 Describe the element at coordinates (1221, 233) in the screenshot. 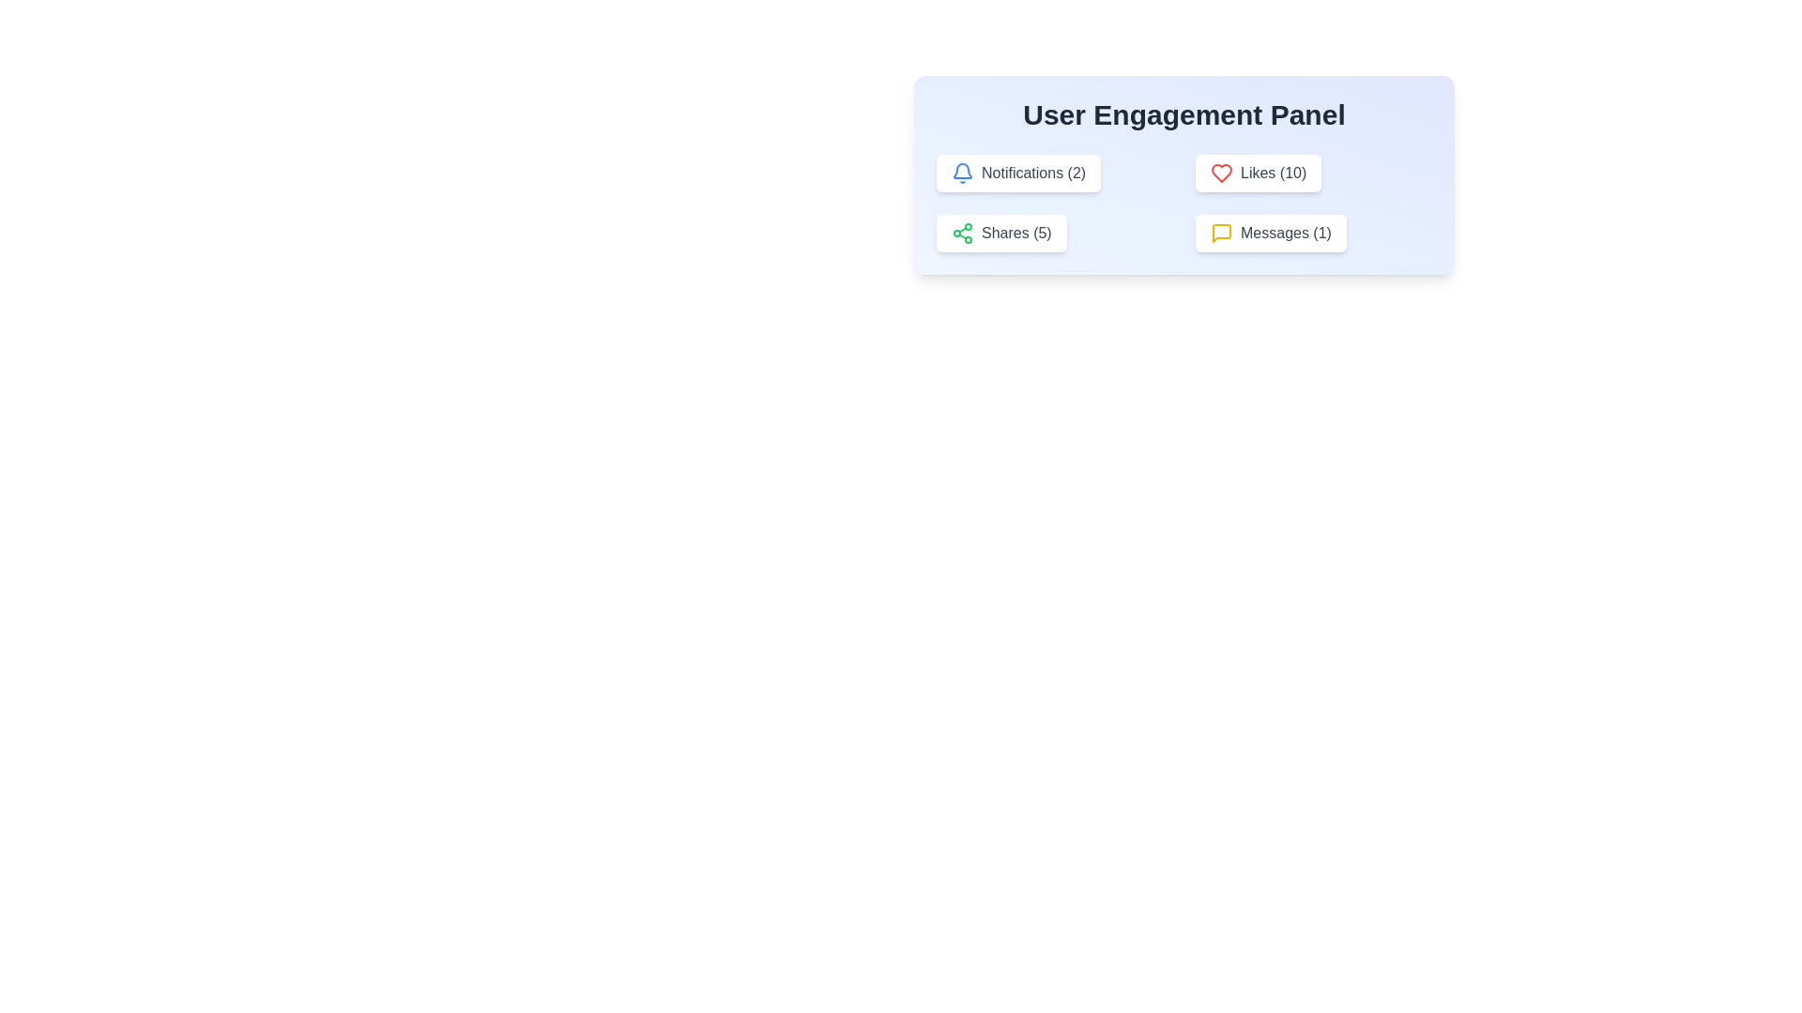

I see `the messaging icon located in the bottom-right corner of the User Engagement Panel` at that location.